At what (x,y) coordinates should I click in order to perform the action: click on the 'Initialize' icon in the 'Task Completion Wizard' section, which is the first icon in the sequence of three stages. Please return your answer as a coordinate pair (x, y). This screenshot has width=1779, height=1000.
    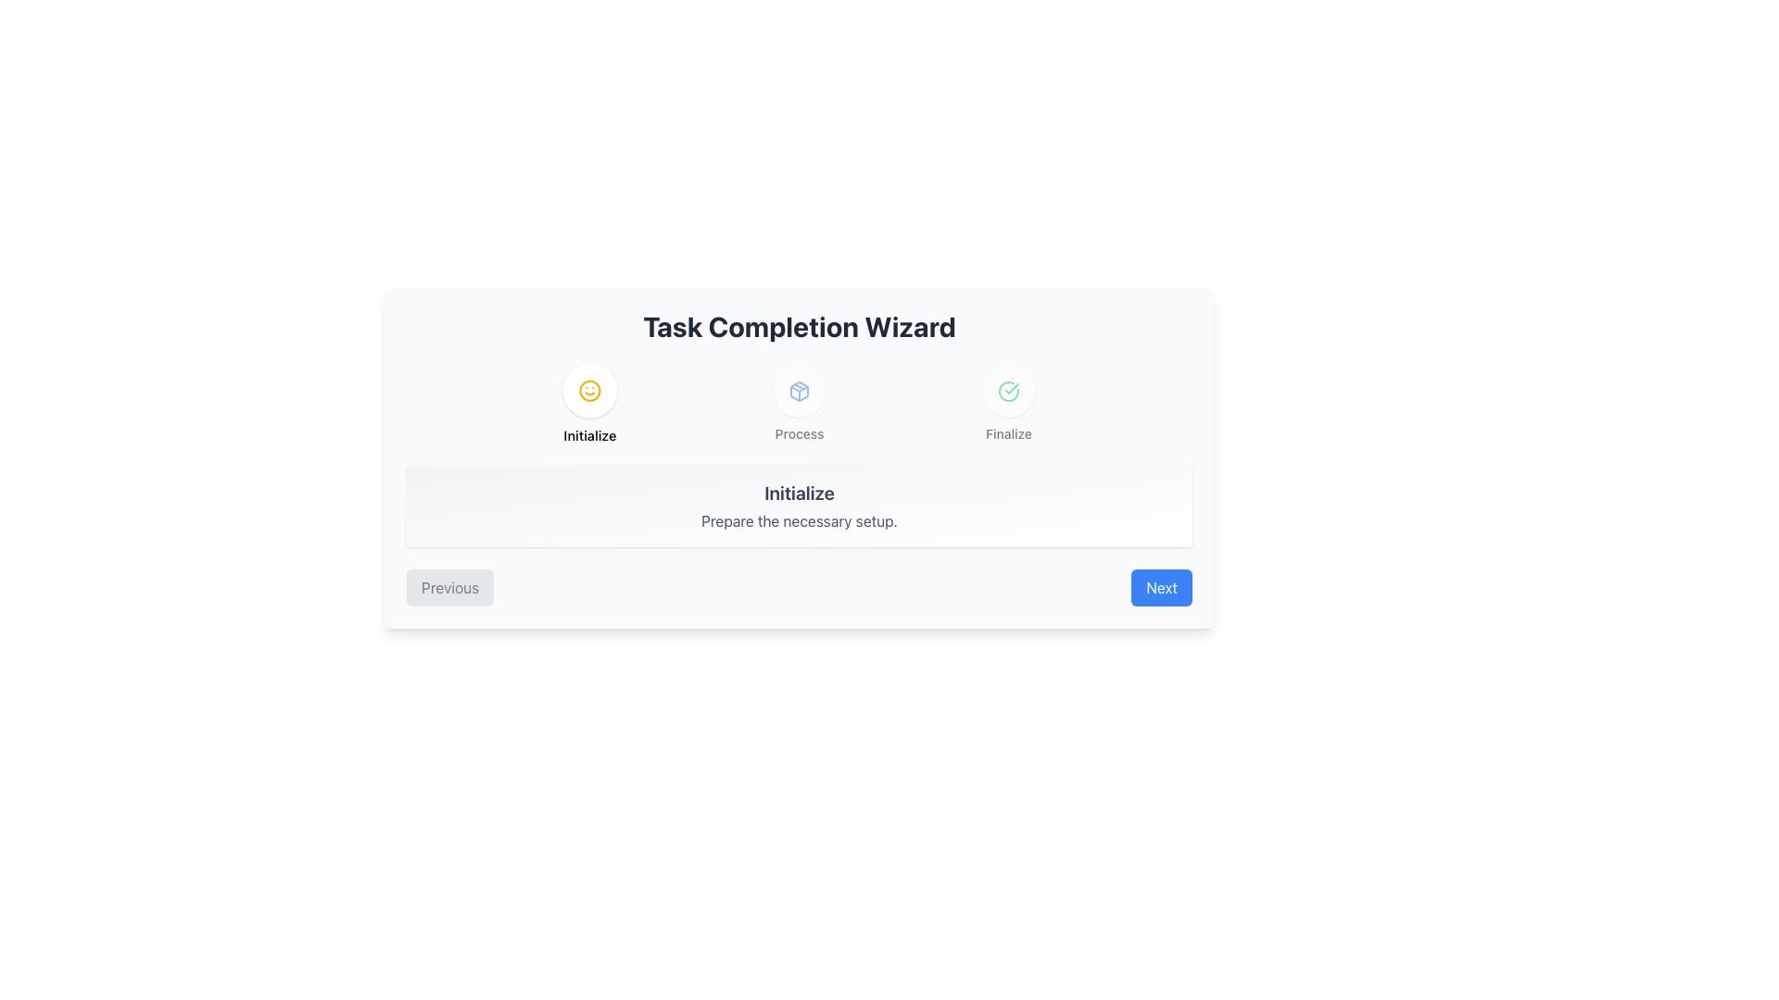
    Looking at the image, I should click on (589, 389).